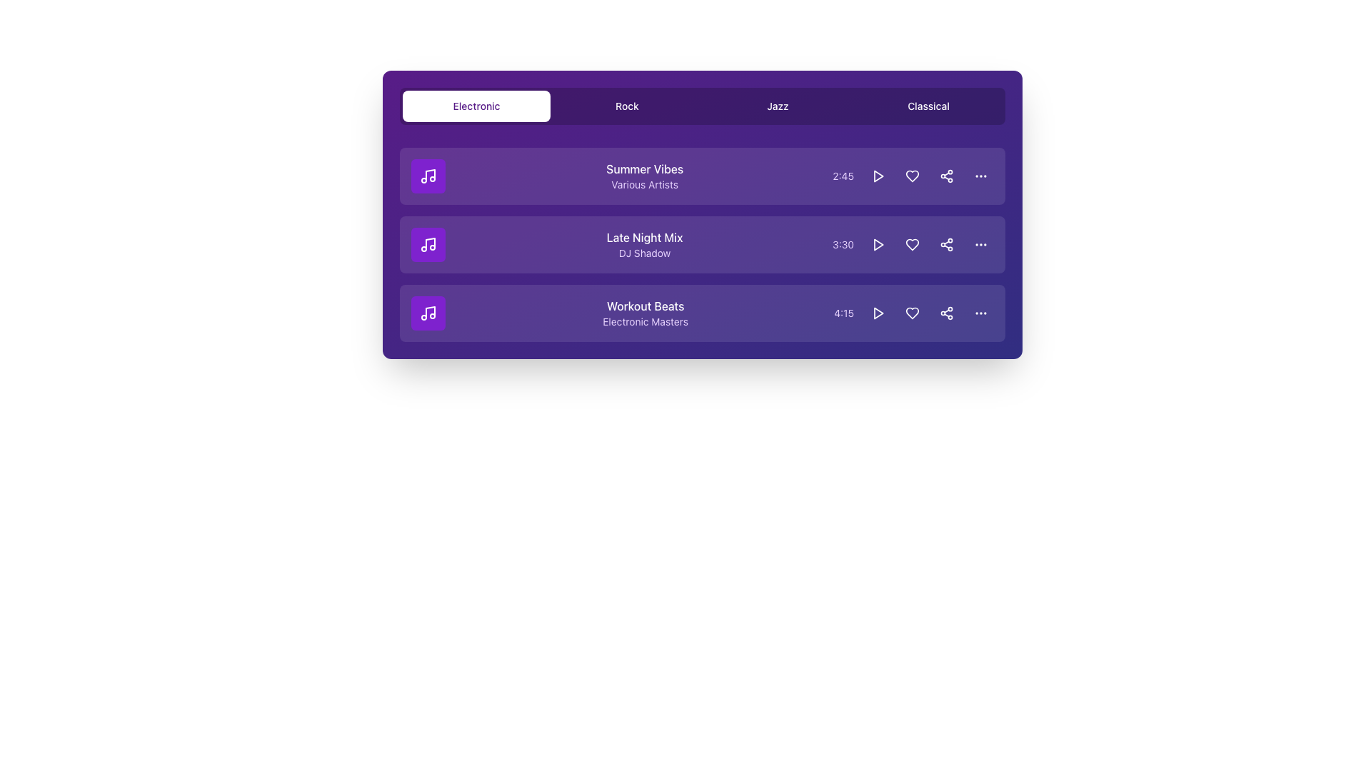  What do you see at coordinates (911, 244) in the screenshot?
I see `the icon button located in the second row of the list interface, immediately following the play icon, to mark the item as favorite` at bounding box center [911, 244].